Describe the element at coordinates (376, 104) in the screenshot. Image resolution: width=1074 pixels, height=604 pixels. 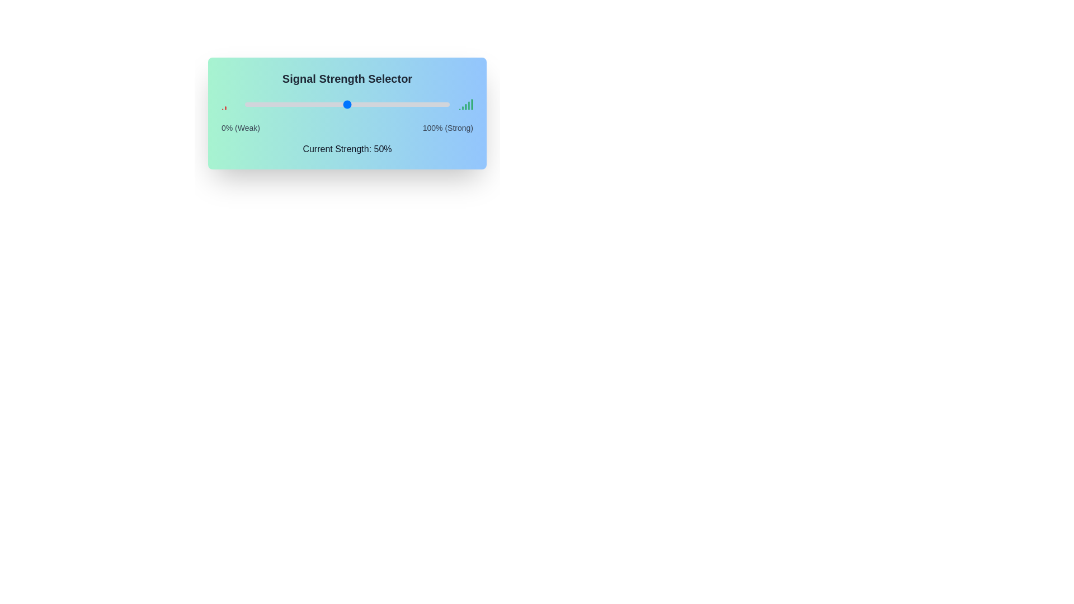
I see `the signal strength slider to 64% to observe the visual signal strength indicators` at that location.